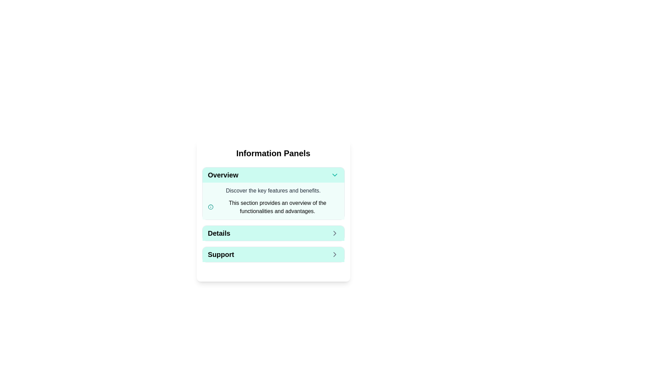  What do you see at coordinates (210, 207) in the screenshot?
I see `the icon located at the beginning of the line in the 'Overview' panel that precedes the text 'This section provides an overview of the functionalities and advantages.'` at bounding box center [210, 207].